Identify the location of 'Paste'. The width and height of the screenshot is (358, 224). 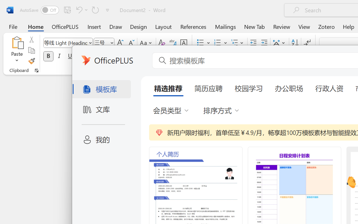
(17, 50).